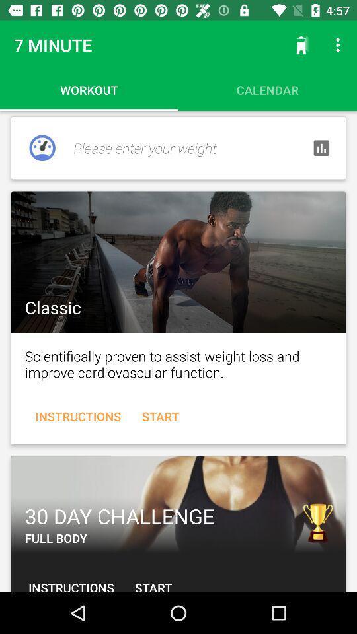  Describe the element at coordinates (178, 504) in the screenshot. I see `30 day challenge` at that location.